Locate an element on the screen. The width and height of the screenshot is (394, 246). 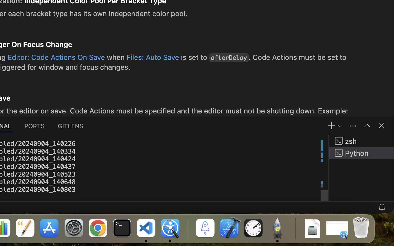
'when' is located at coordinates (116, 57).